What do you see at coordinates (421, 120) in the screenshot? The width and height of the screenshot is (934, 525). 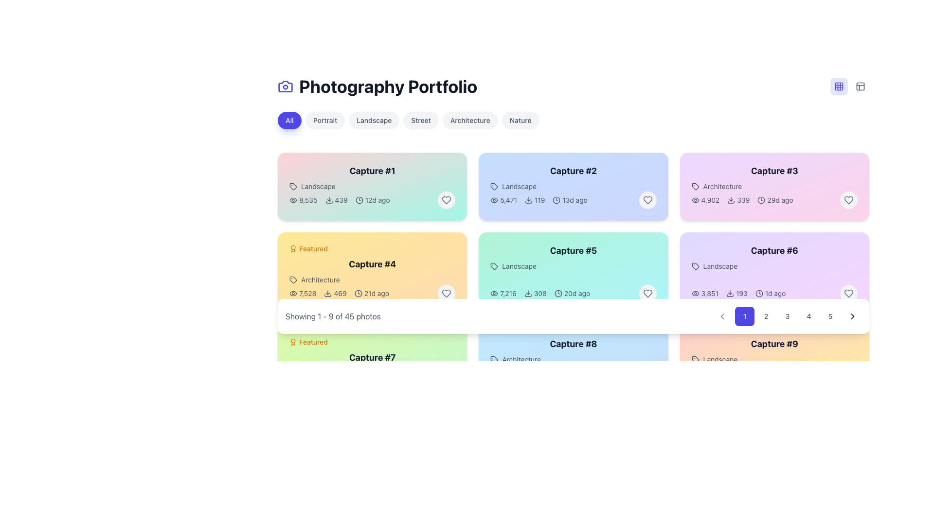 I see `the 'Street' button, which is the fourth button in a horizontal row of filter buttons` at bounding box center [421, 120].